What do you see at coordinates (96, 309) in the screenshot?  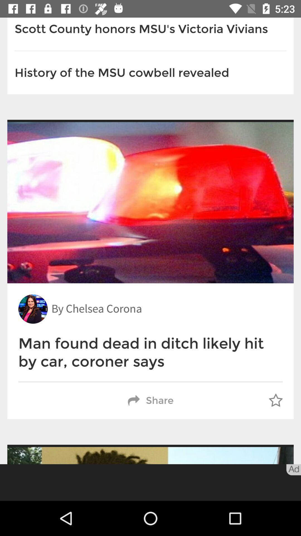 I see `the by chelsea corona` at bounding box center [96, 309].